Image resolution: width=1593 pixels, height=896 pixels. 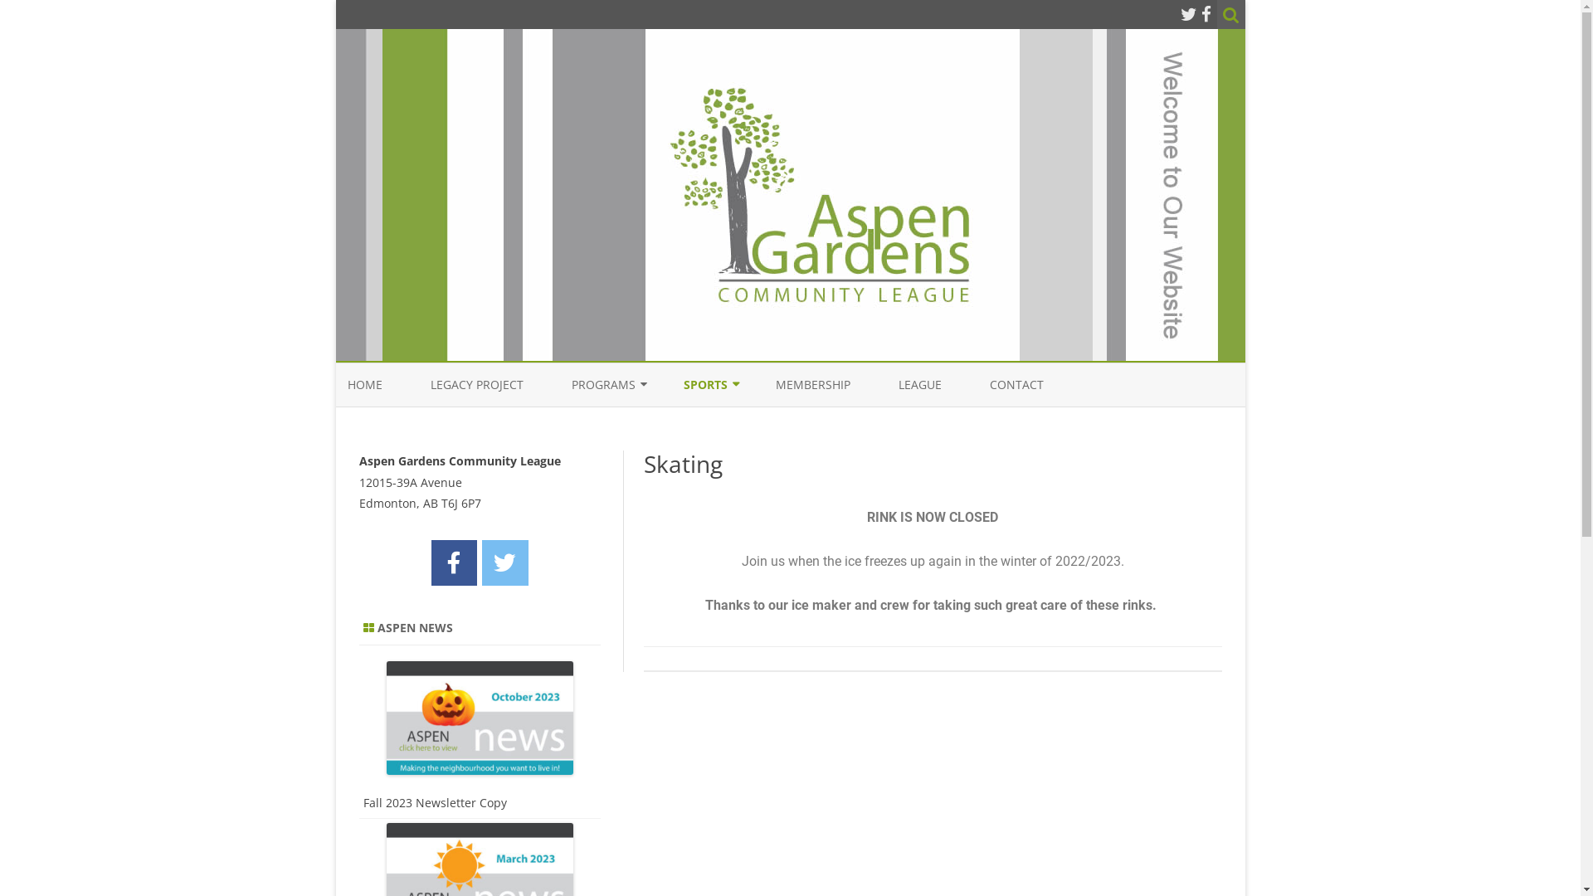 I want to click on 'PROGRAMS', so click(x=602, y=384).